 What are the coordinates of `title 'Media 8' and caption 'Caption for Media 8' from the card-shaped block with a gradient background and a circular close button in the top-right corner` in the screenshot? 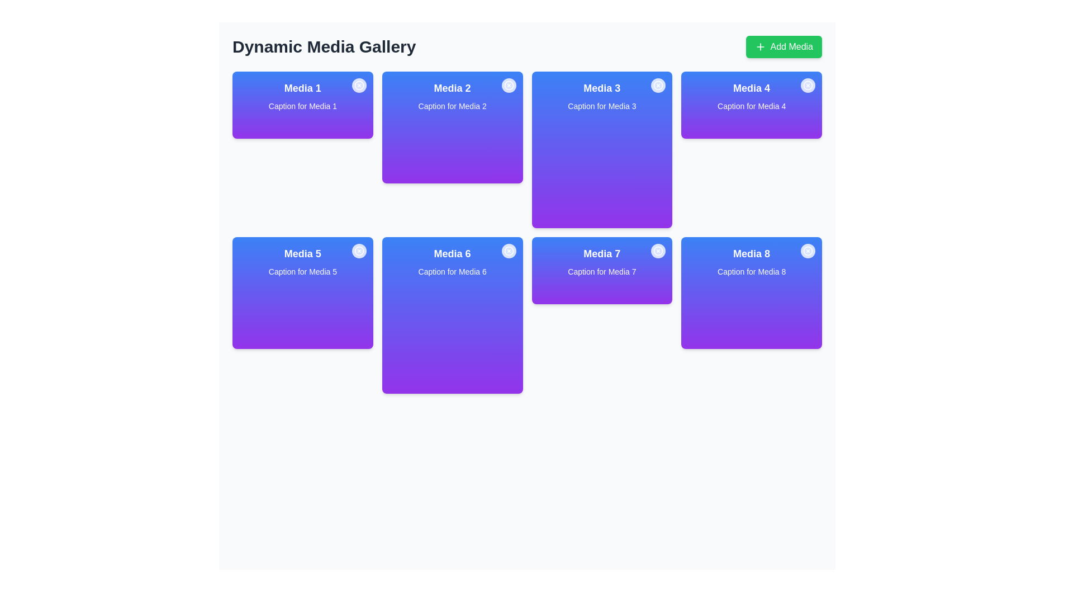 It's located at (752, 292).